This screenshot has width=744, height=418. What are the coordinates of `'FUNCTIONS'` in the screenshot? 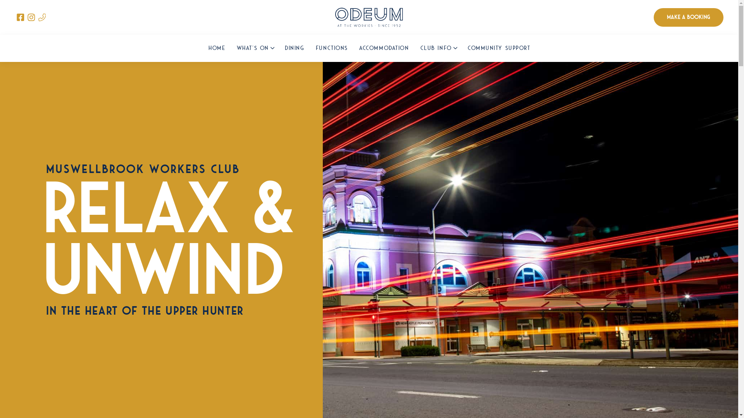 It's located at (309, 48).